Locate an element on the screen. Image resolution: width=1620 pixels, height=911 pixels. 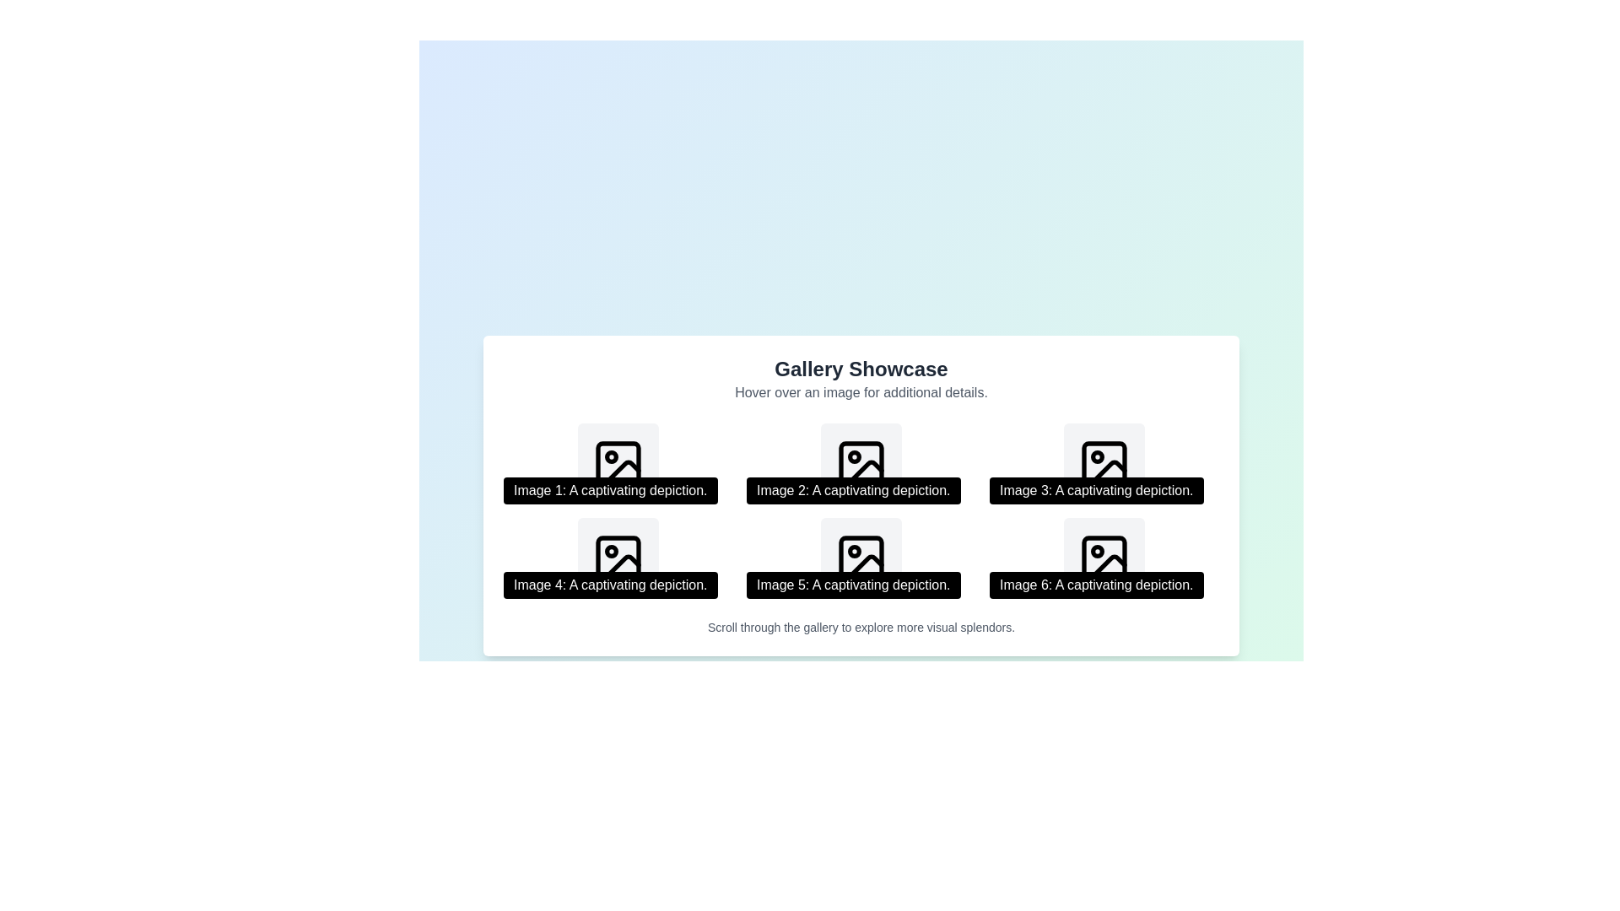
the black icon is located at coordinates (618, 464).